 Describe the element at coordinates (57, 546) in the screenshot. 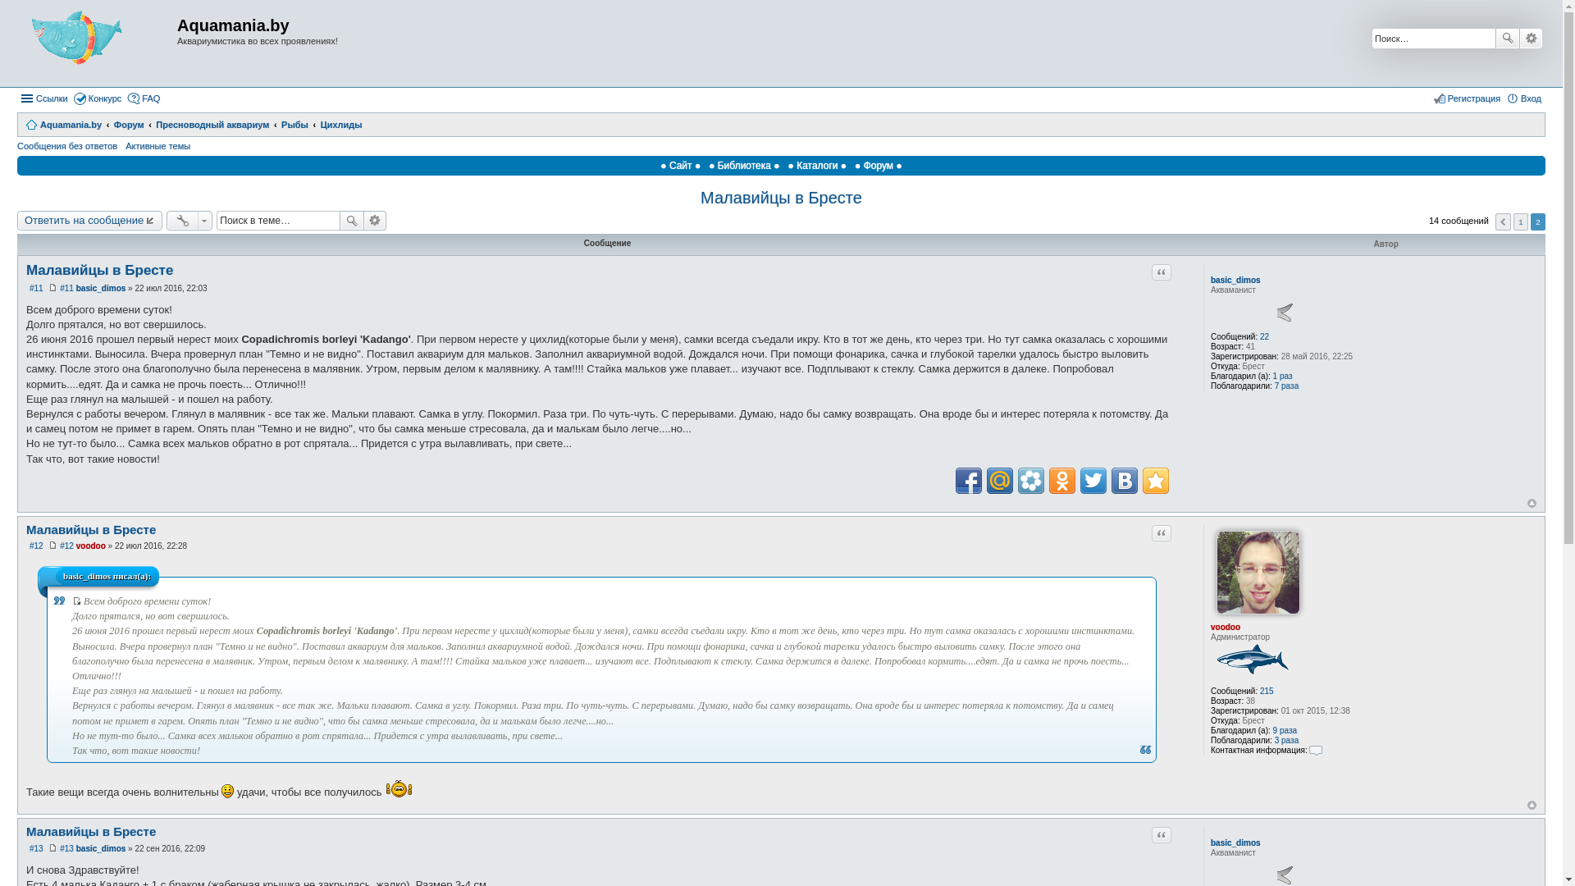

I see `'#12'` at that location.